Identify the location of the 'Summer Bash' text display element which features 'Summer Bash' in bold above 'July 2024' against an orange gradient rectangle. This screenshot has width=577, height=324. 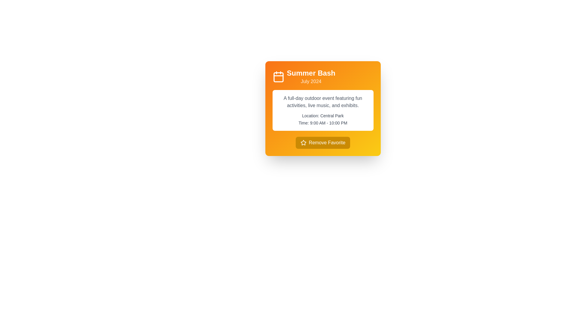
(311, 76).